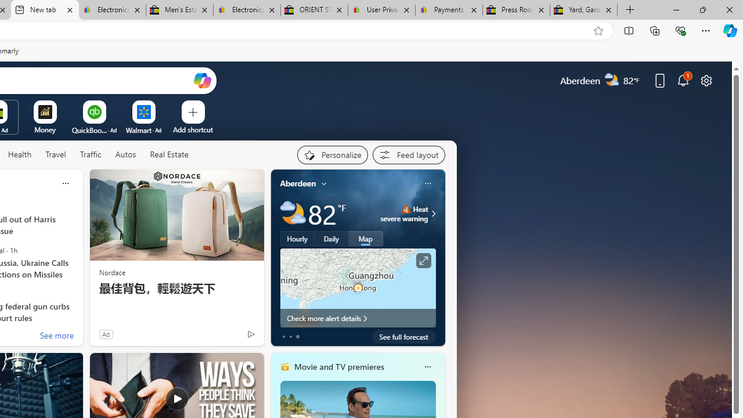 This screenshot has height=418, width=743. Describe the element at coordinates (705, 80) in the screenshot. I see `'Page settings'` at that location.